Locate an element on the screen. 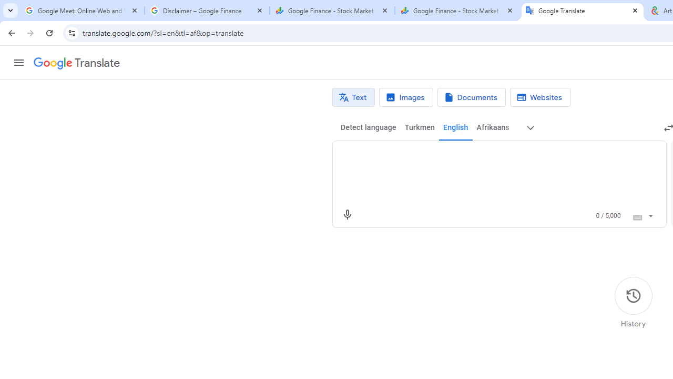 The image size is (673, 379). 'Image translation' is located at coordinates (405, 97).